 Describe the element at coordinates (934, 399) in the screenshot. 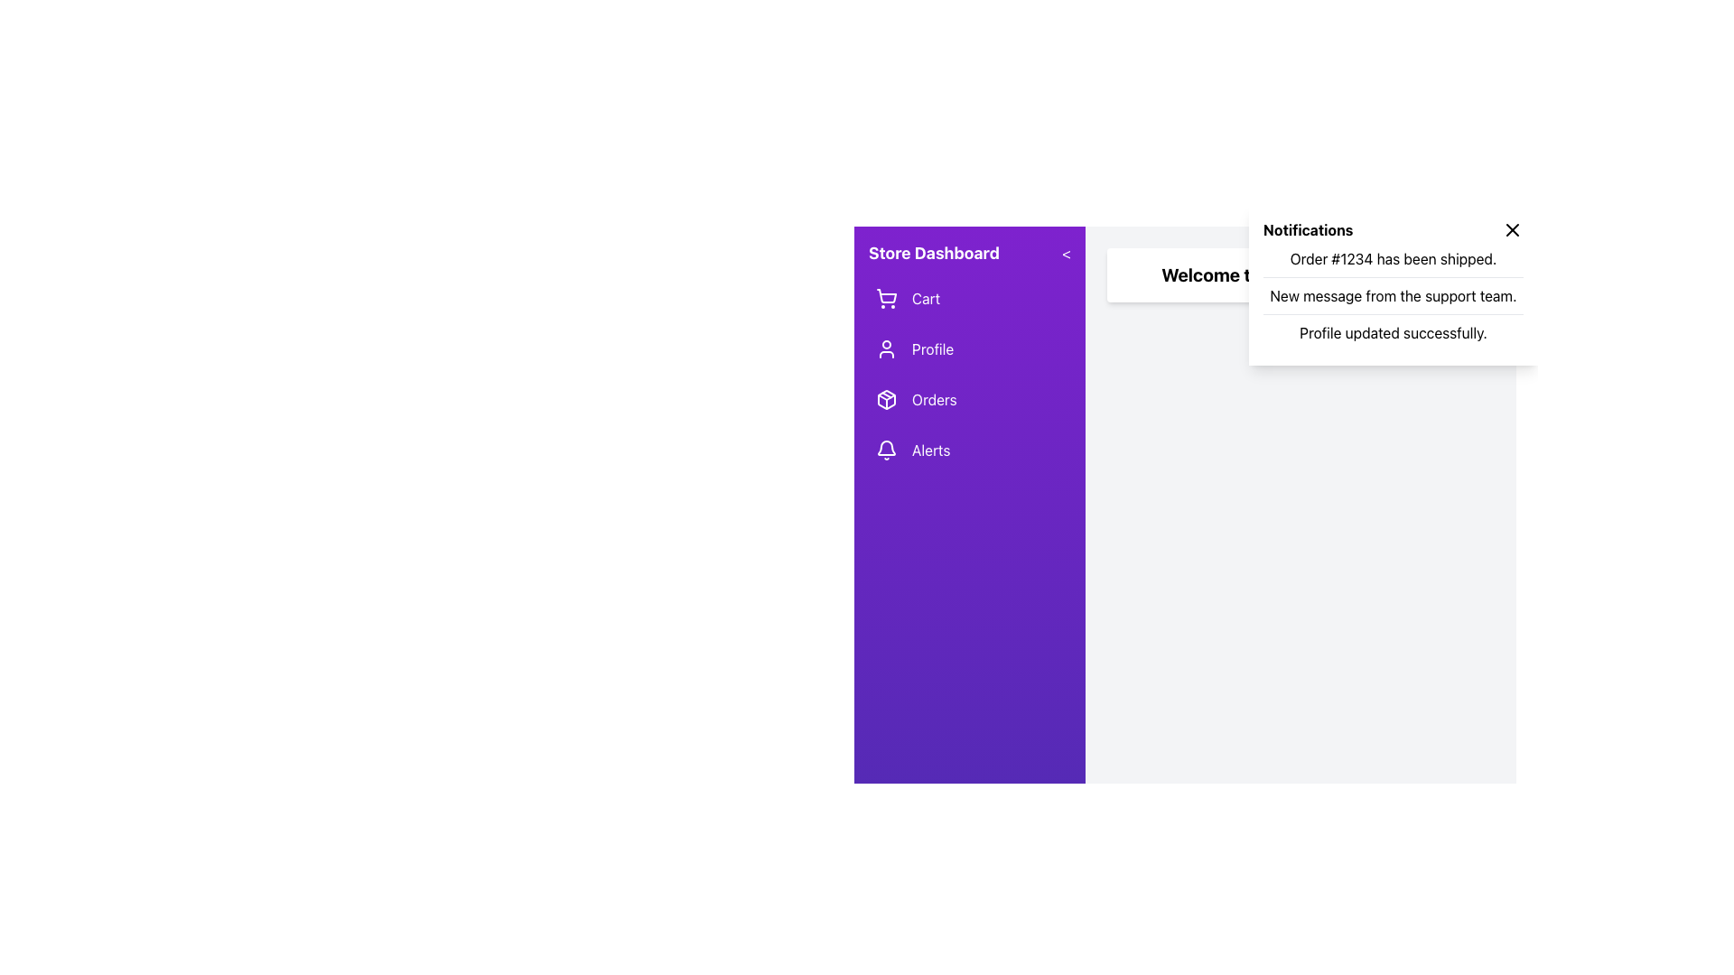

I see `the 'Orders' text label in the sidebar menu of the 'Store Dashboard'` at that location.